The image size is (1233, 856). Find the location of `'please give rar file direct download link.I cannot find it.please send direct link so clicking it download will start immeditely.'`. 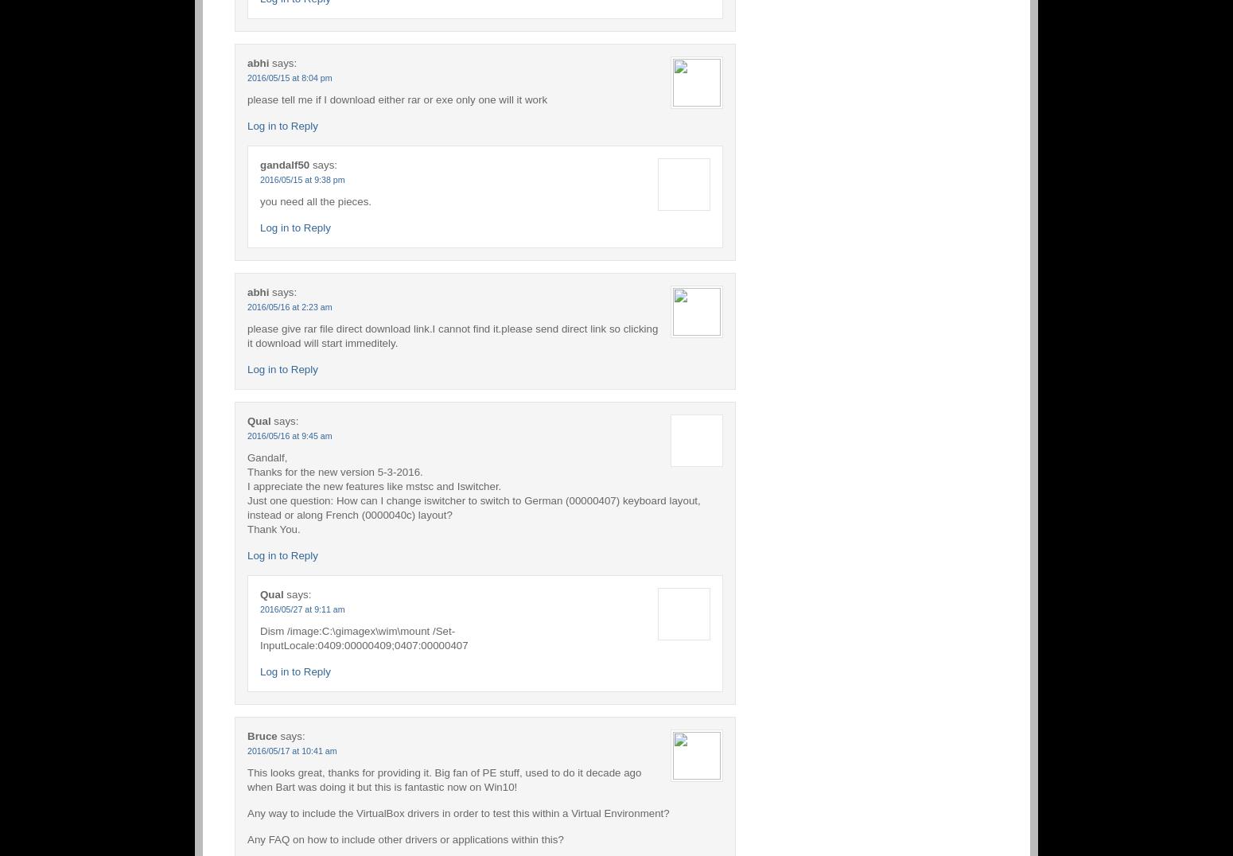

'please give rar file direct download link.I cannot find it.please send direct link so clicking it download will start immeditely.' is located at coordinates (453, 335).